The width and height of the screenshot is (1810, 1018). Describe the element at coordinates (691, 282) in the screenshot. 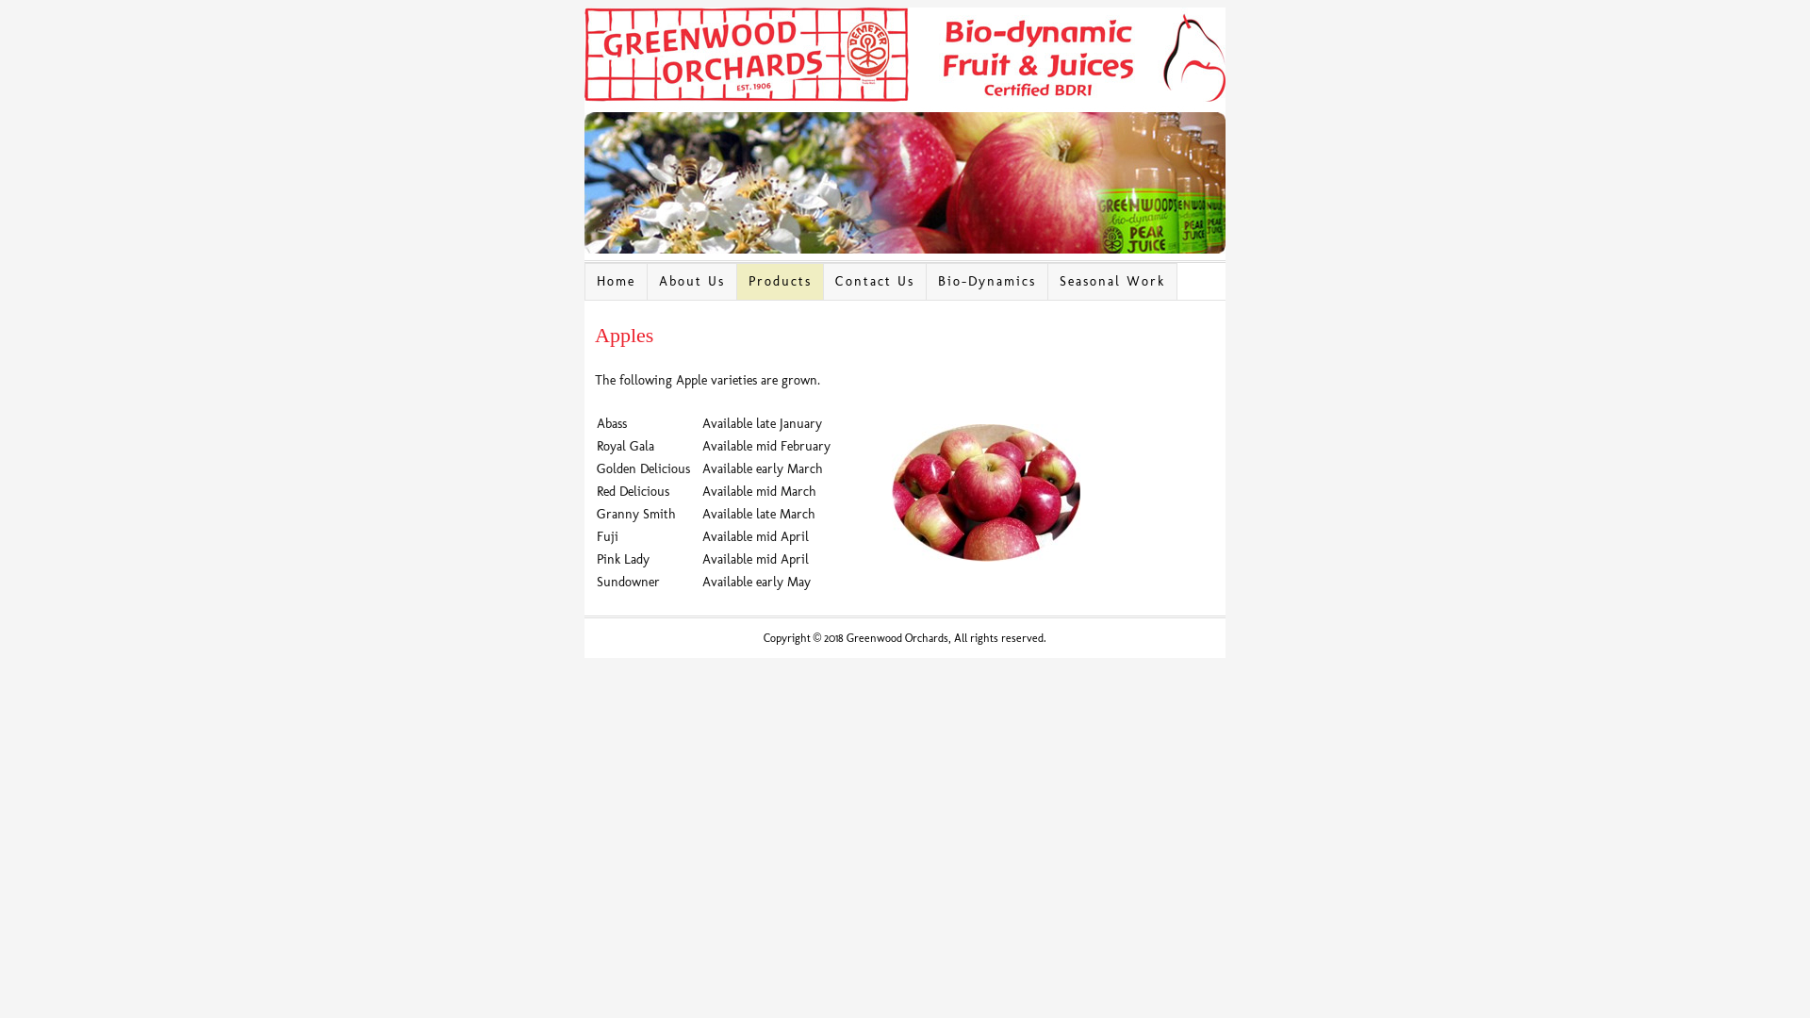

I see `'About Us'` at that location.